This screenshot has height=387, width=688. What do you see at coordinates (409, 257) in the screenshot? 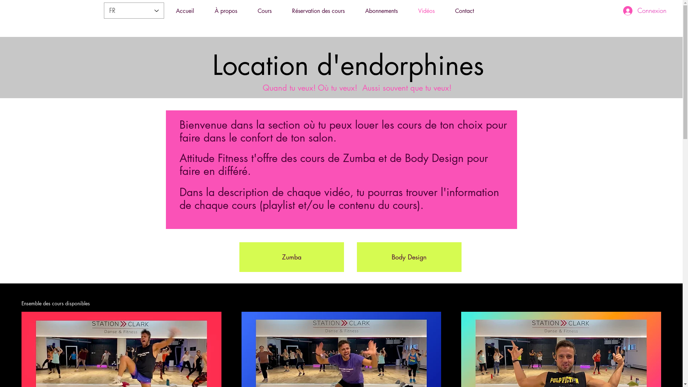
I see `'Body Design'` at bounding box center [409, 257].